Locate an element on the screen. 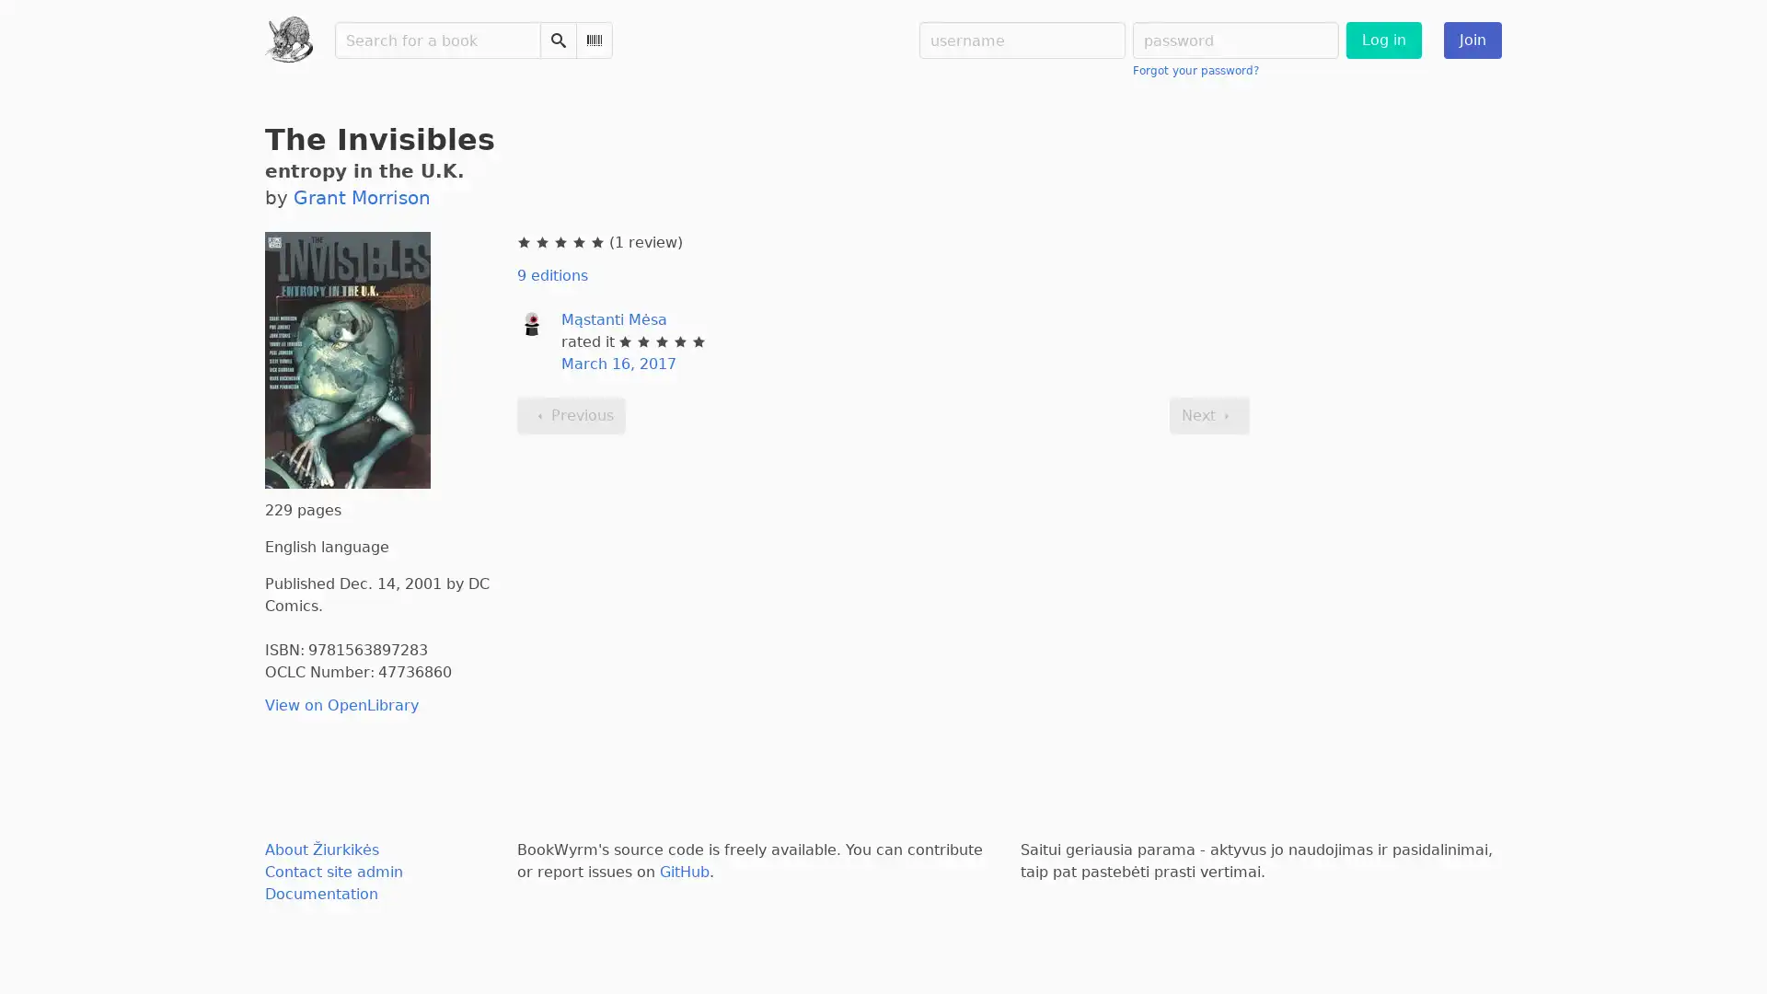  The Invisibles (2001, DC Comics) Click to enlarge is located at coordinates (348, 360).